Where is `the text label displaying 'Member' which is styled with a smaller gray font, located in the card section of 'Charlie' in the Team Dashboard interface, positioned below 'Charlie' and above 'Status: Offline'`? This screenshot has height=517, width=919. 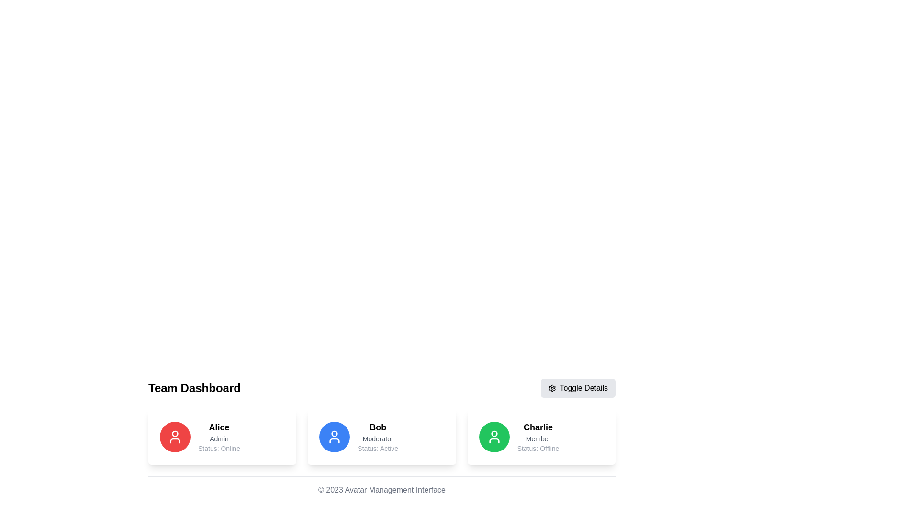 the text label displaying 'Member' which is styled with a smaller gray font, located in the card section of 'Charlie' in the Team Dashboard interface, positioned below 'Charlie' and above 'Status: Offline' is located at coordinates (538, 439).